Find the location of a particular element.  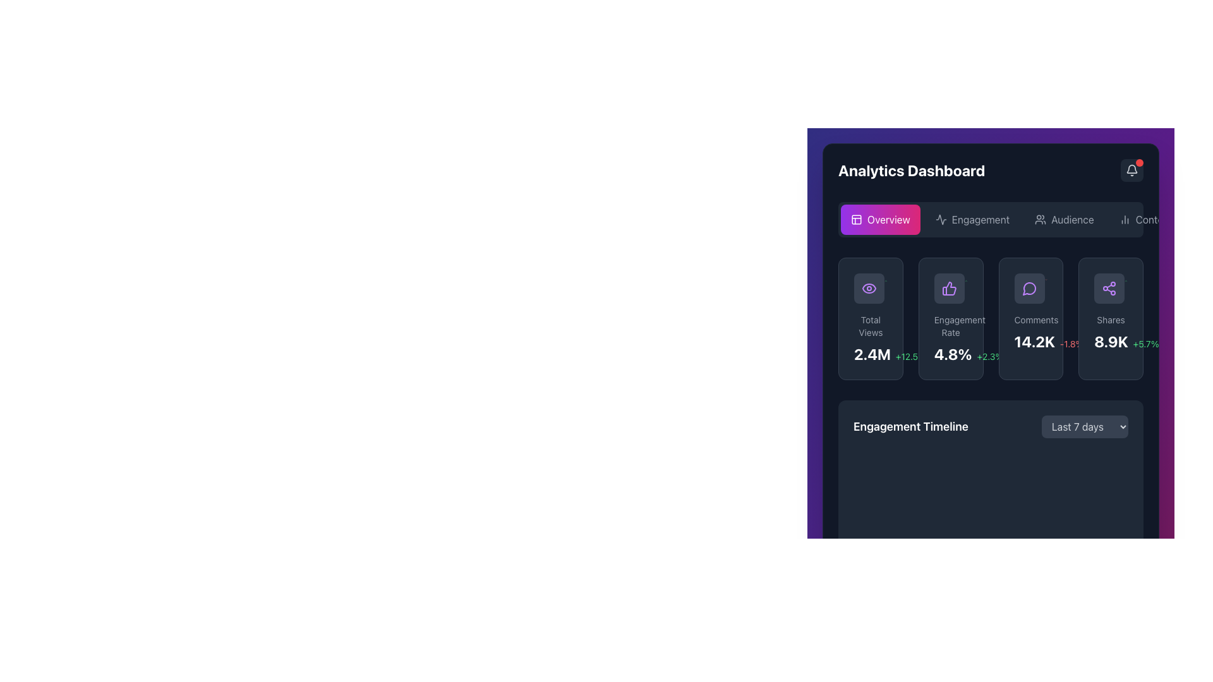

the Metric Text display showing '2.4M' with a green percentage label '+12.5%' in the 'Total Views' card of the Analytics Dashboard is located at coordinates (870, 354).